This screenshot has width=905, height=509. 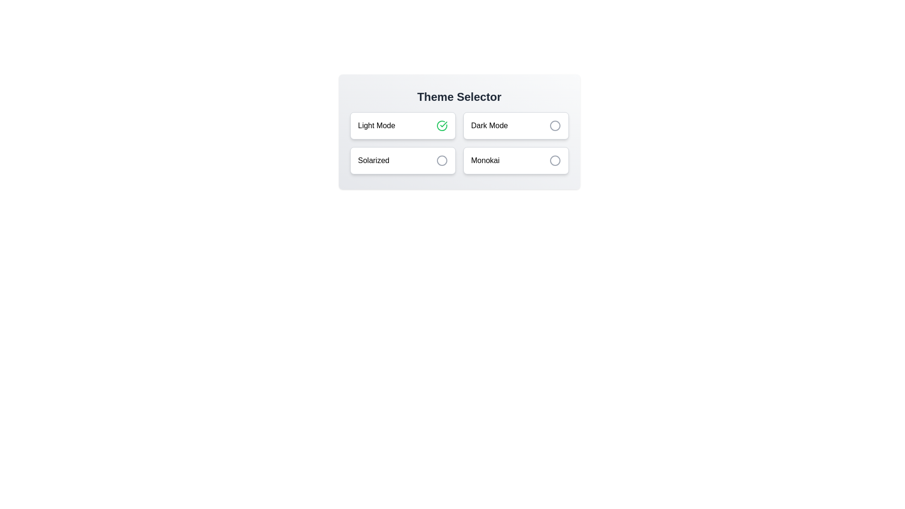 I want to click on the button corresponding to the theme Monokai, so click(x=515, y=160).